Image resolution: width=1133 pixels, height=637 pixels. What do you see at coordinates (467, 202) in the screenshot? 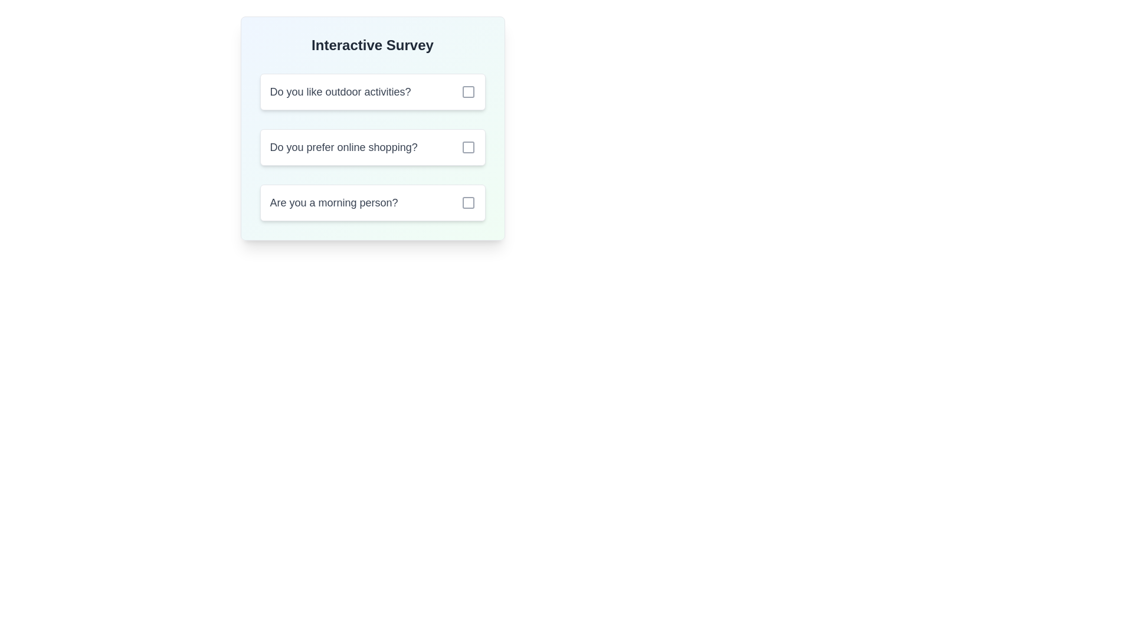
I see `the checkbox for the question 'Are you a morning person?' which is the third checkbox in the vertical list within the survey card` at bounding box center [467, 202].